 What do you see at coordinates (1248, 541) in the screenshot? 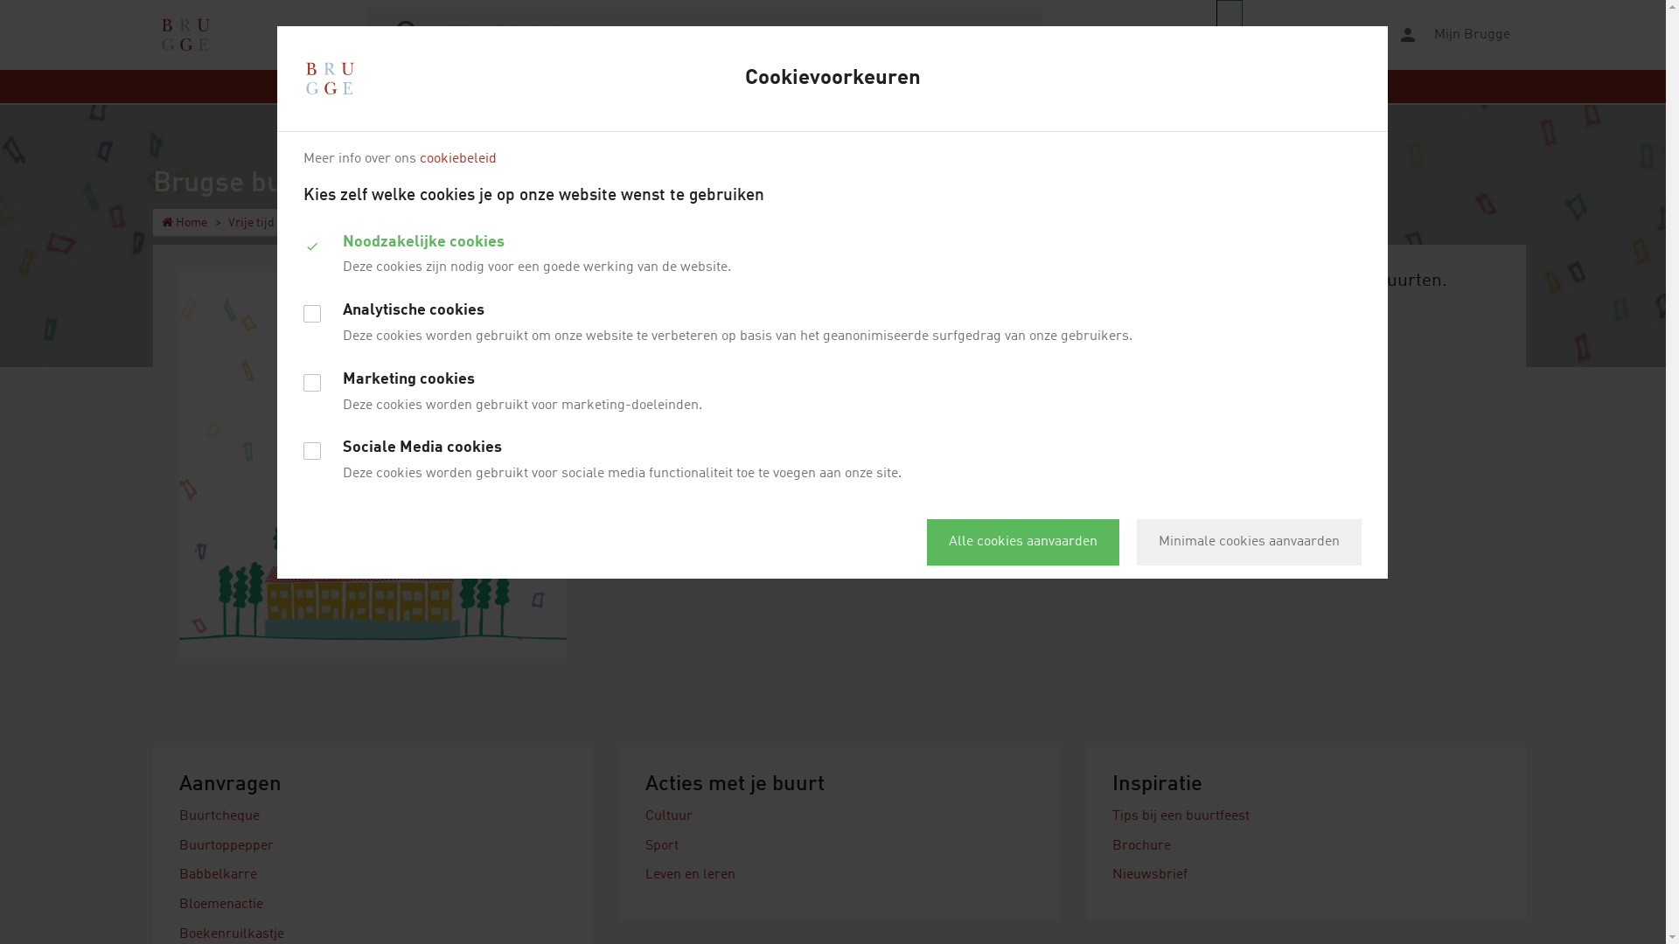
I see `'Minimale cookies aanvaarden'` at bounding box center [1248, 541].